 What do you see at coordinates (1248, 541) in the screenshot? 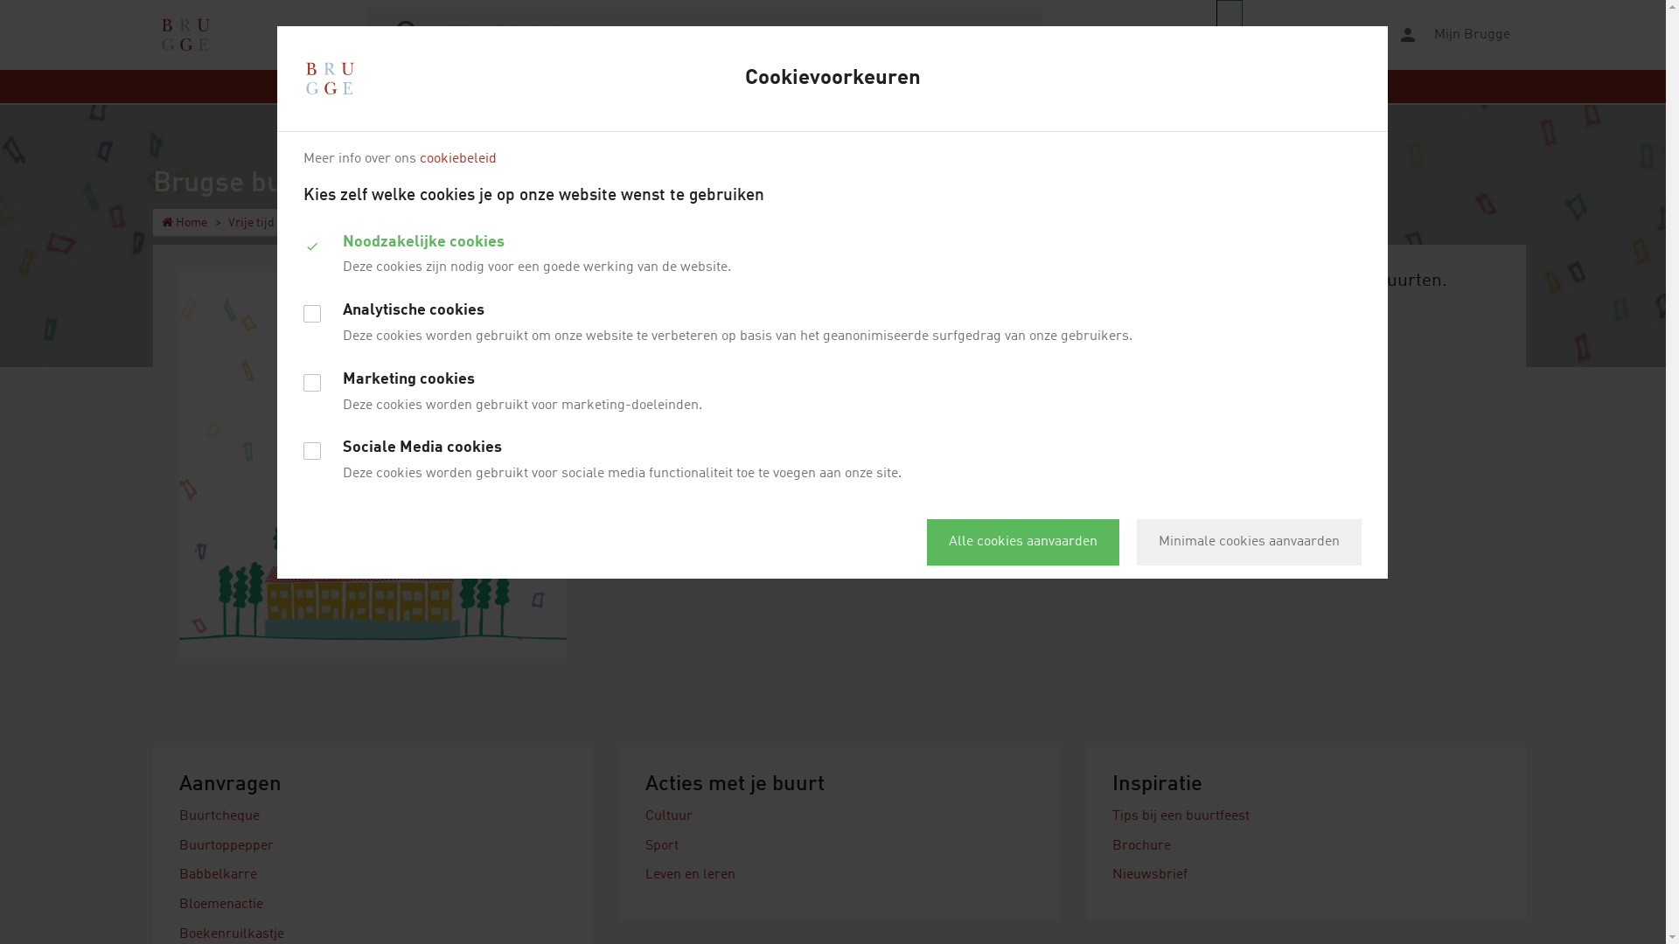
I see `'Minimale cookies aanvaarden'` at bounding box center [1248, 541].